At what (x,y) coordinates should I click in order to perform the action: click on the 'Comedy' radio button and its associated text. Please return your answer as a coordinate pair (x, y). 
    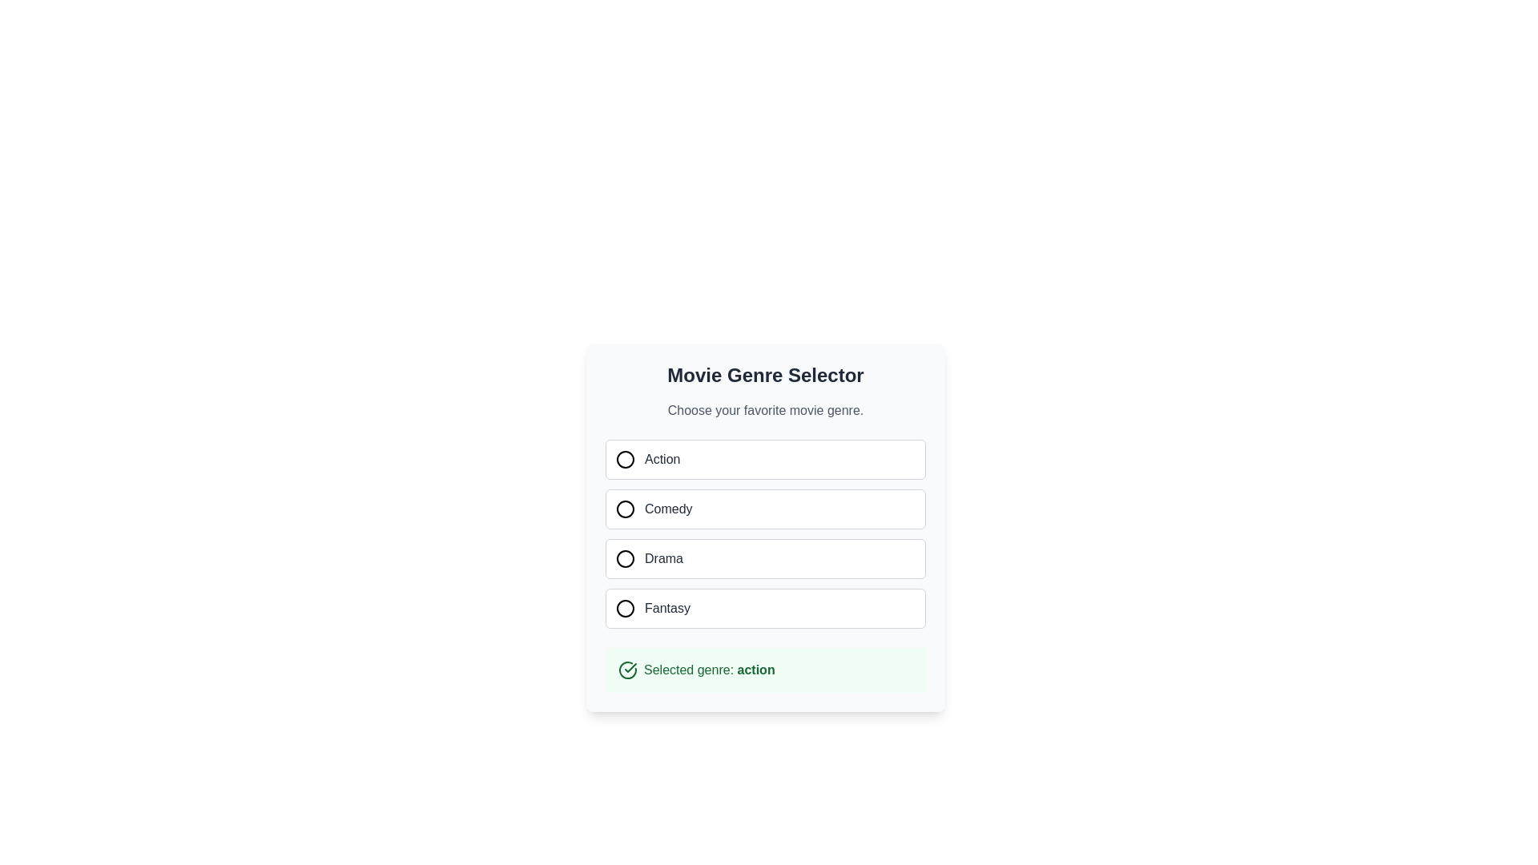
    Looking at the image, I should click on (654, 509).